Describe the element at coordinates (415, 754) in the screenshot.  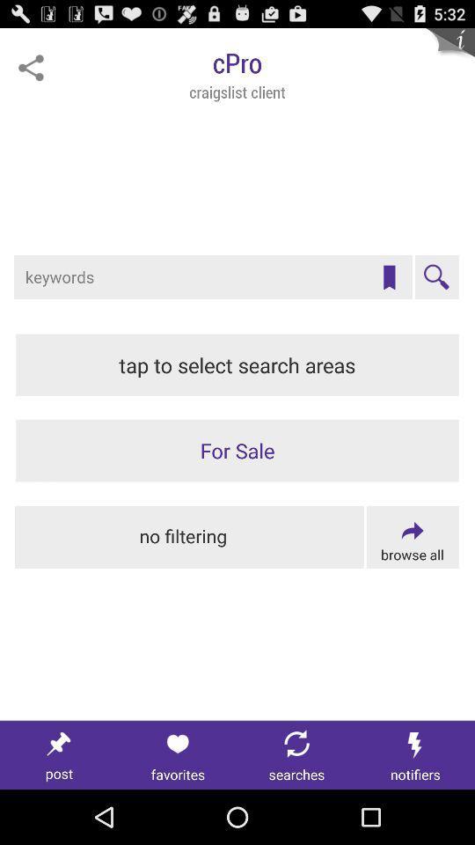
I see `change notifications` at that location.